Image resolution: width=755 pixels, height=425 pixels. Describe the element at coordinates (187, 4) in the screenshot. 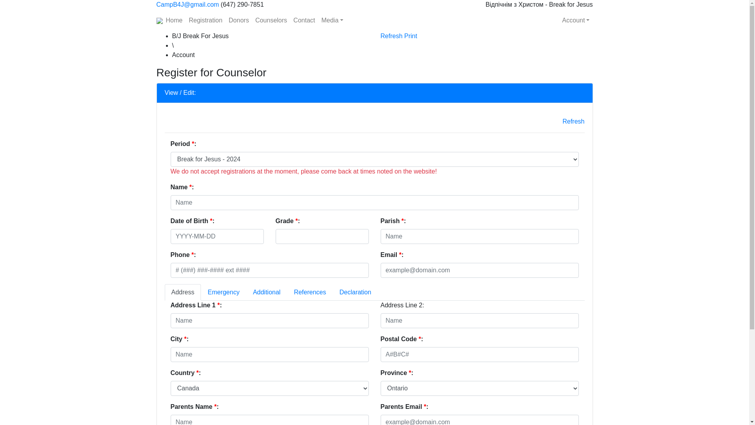

I see `'CampB4J@gmail.com'` at that location.